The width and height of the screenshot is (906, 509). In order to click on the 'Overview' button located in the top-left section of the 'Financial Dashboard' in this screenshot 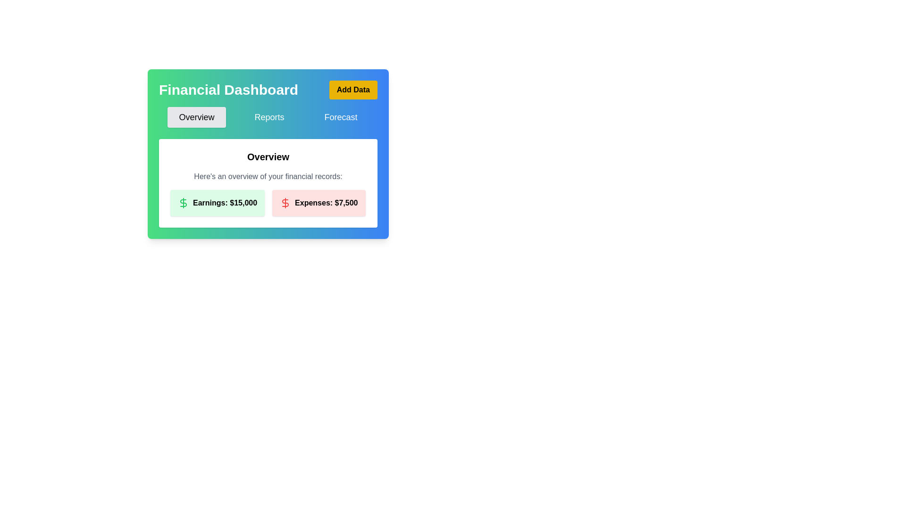, I will do `click(196, 117)`.